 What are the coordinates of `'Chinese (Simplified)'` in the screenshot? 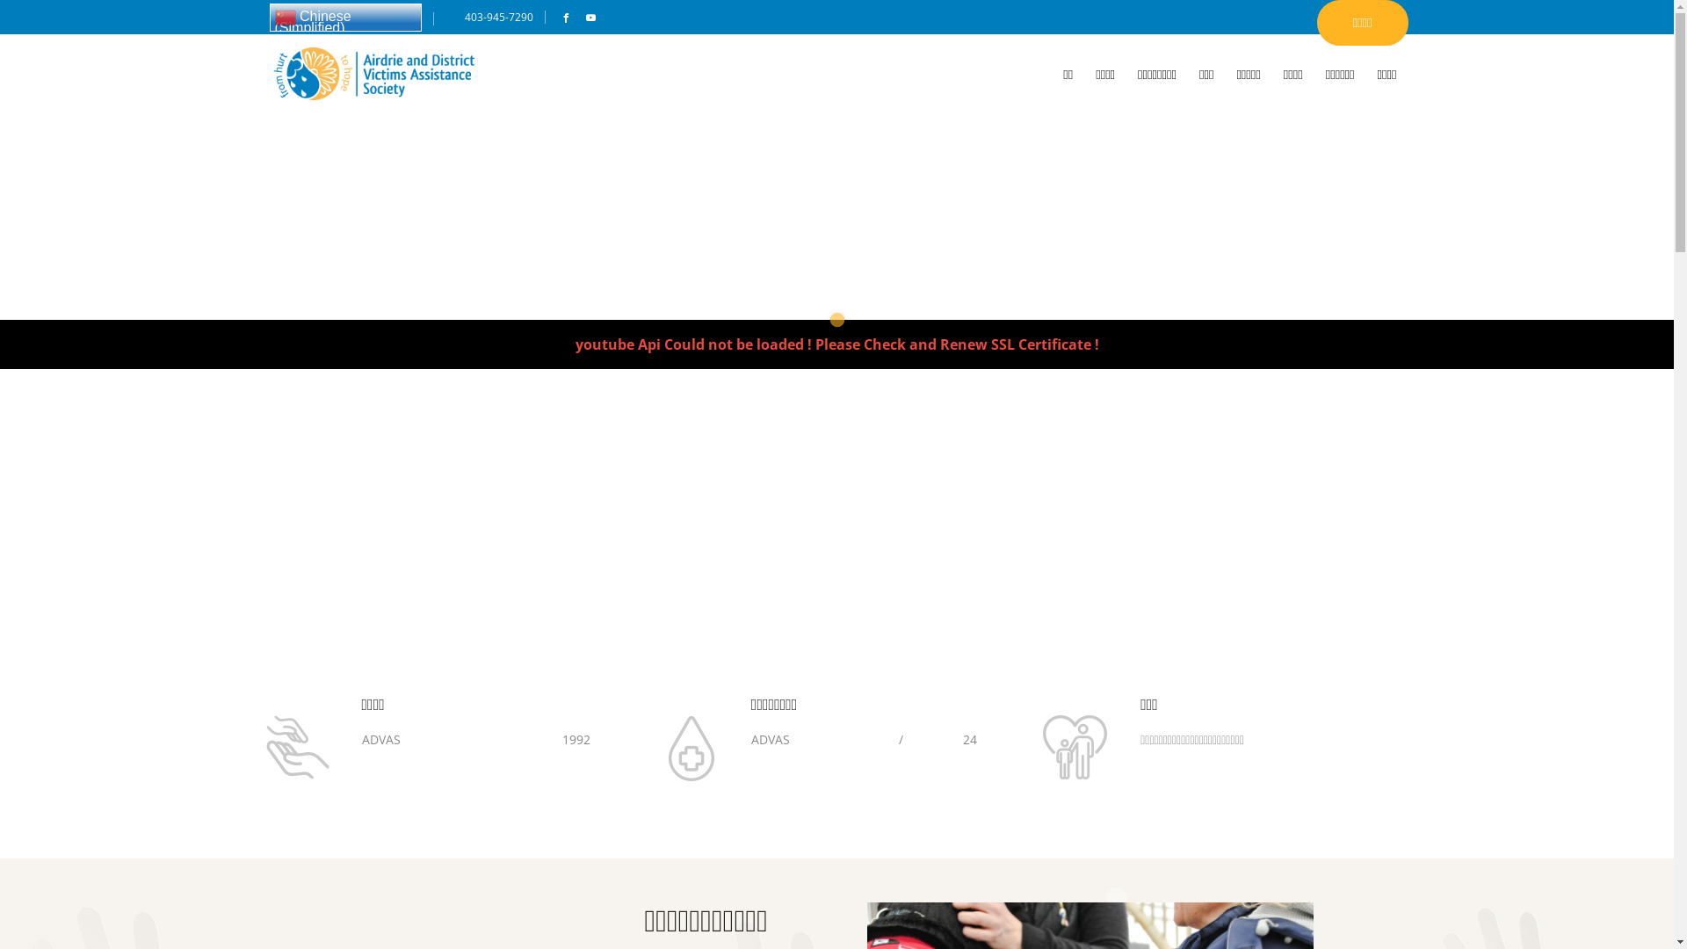 It's located at (268, 17).